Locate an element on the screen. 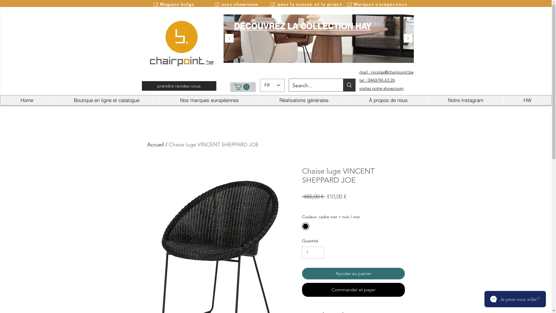 The width and height of the screenshot is (556, 313). 'prendre rendez-vous' is located at coordinates (179, 86).